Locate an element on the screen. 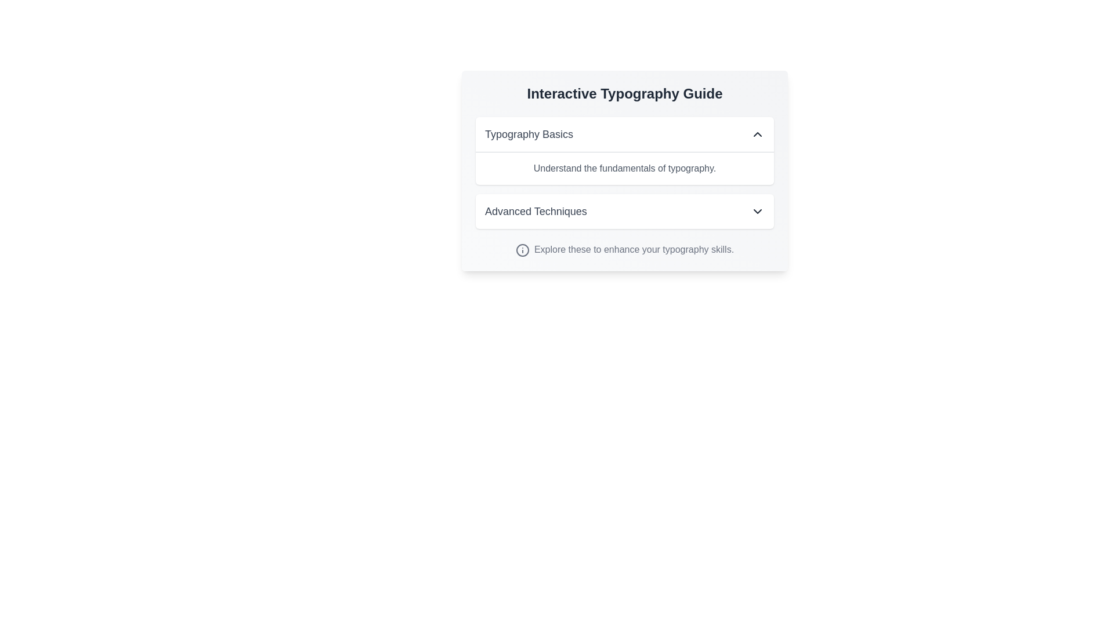 This screenshot has height=626, width=1114. the outlined circle icon with an 'i' symbol is located at coordinates (522, 249).